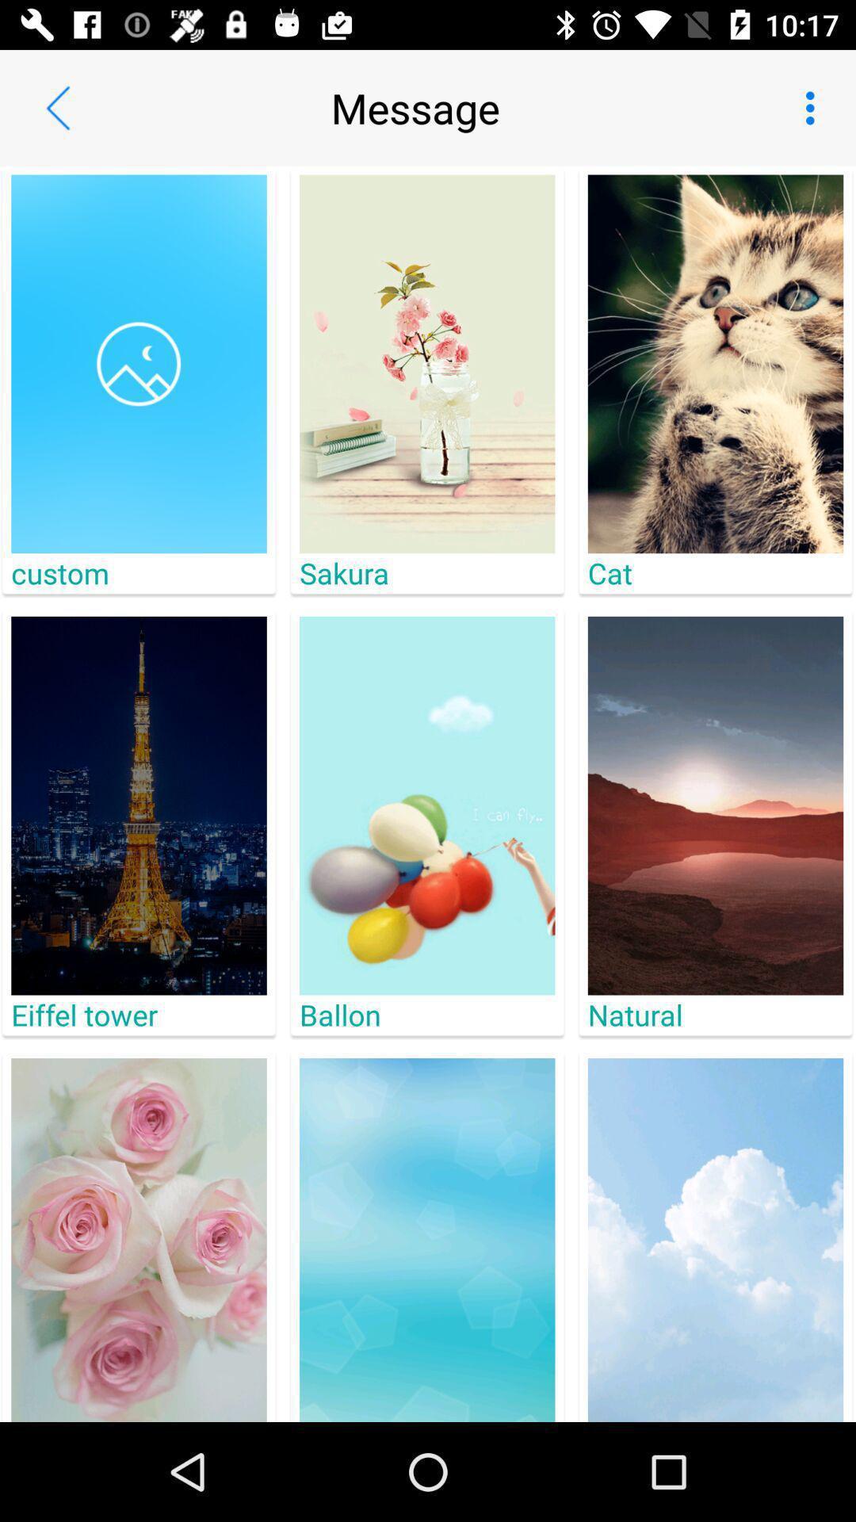 This screenshot has width=856, height=1522. Describe the element at coordinates (814, 108) in the screenshot. I see `the three vertical dots on the top right corner of the web page` at that location.